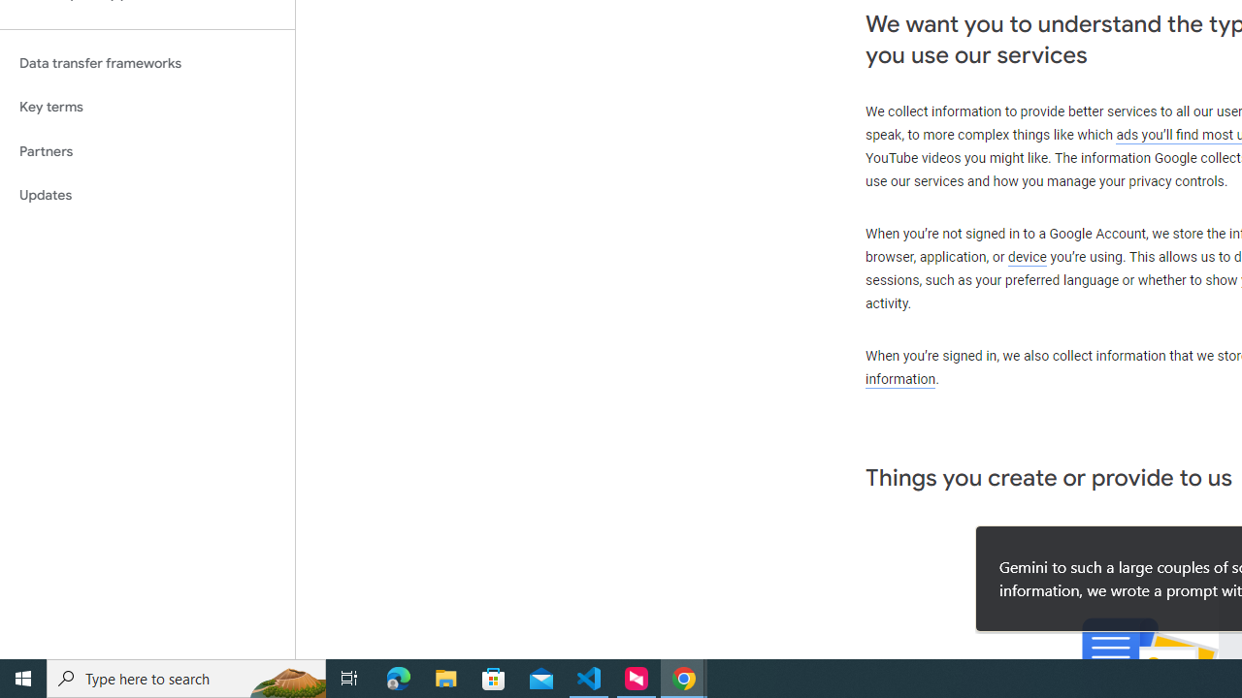 The height and width of the screenshot is (698, 1242). Describe the element at coordinates (147, 195) in the screenshot. I see `'Updates'` at that location.